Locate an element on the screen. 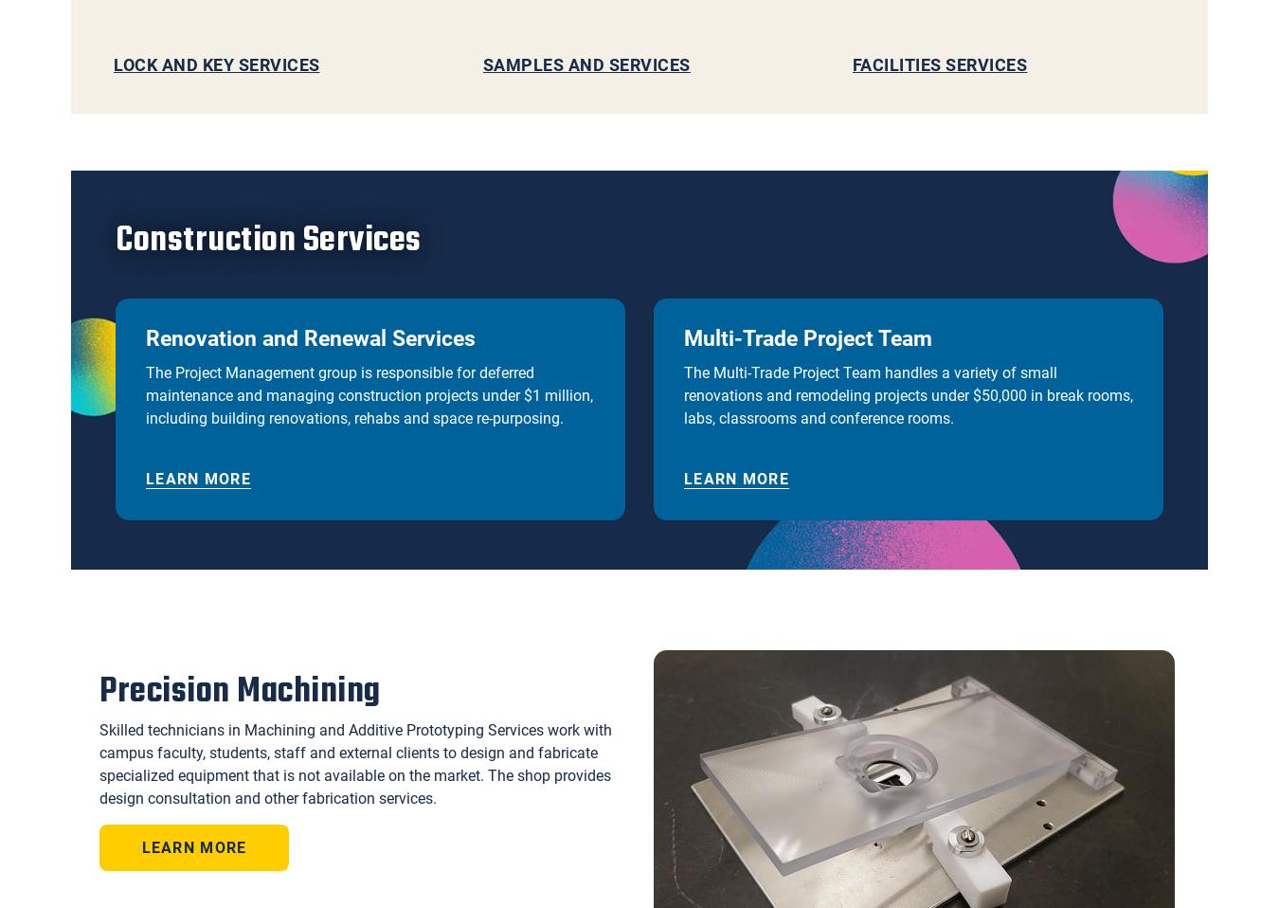 This screenshot has height=908, width=1279. 'Samples and Services' is located at coordinates (585, 63).